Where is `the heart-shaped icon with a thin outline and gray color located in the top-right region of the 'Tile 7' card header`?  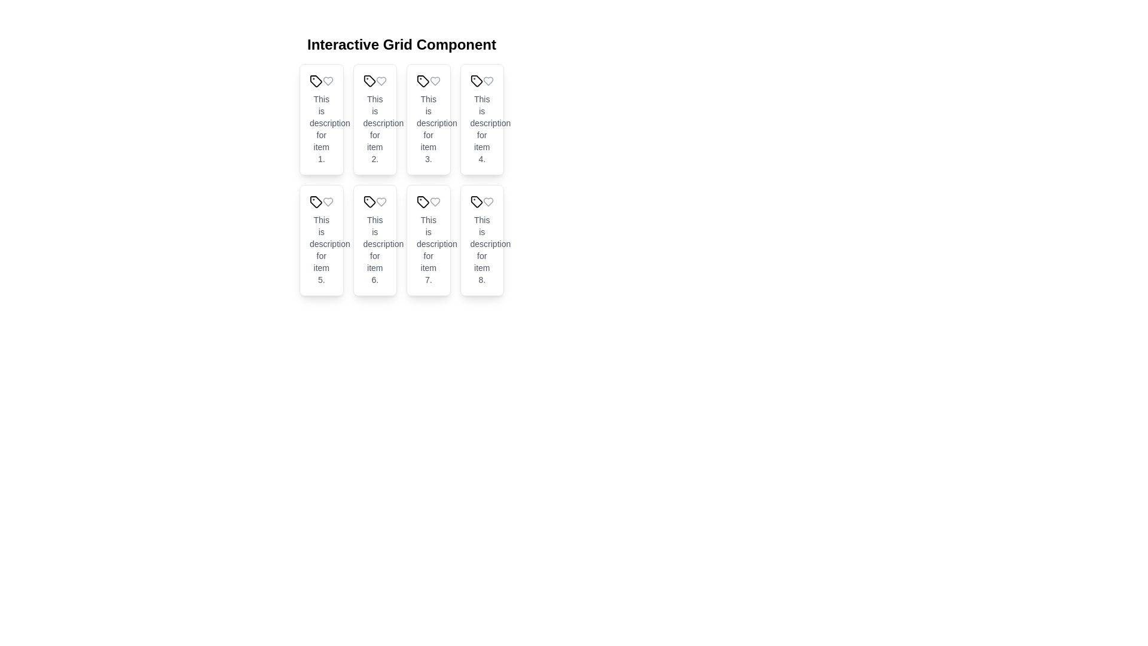 the heart-shaped icon with a thin outline and gray color located in the top-right region of the 'Tile 7' card header is located at coordinates (434, 202).